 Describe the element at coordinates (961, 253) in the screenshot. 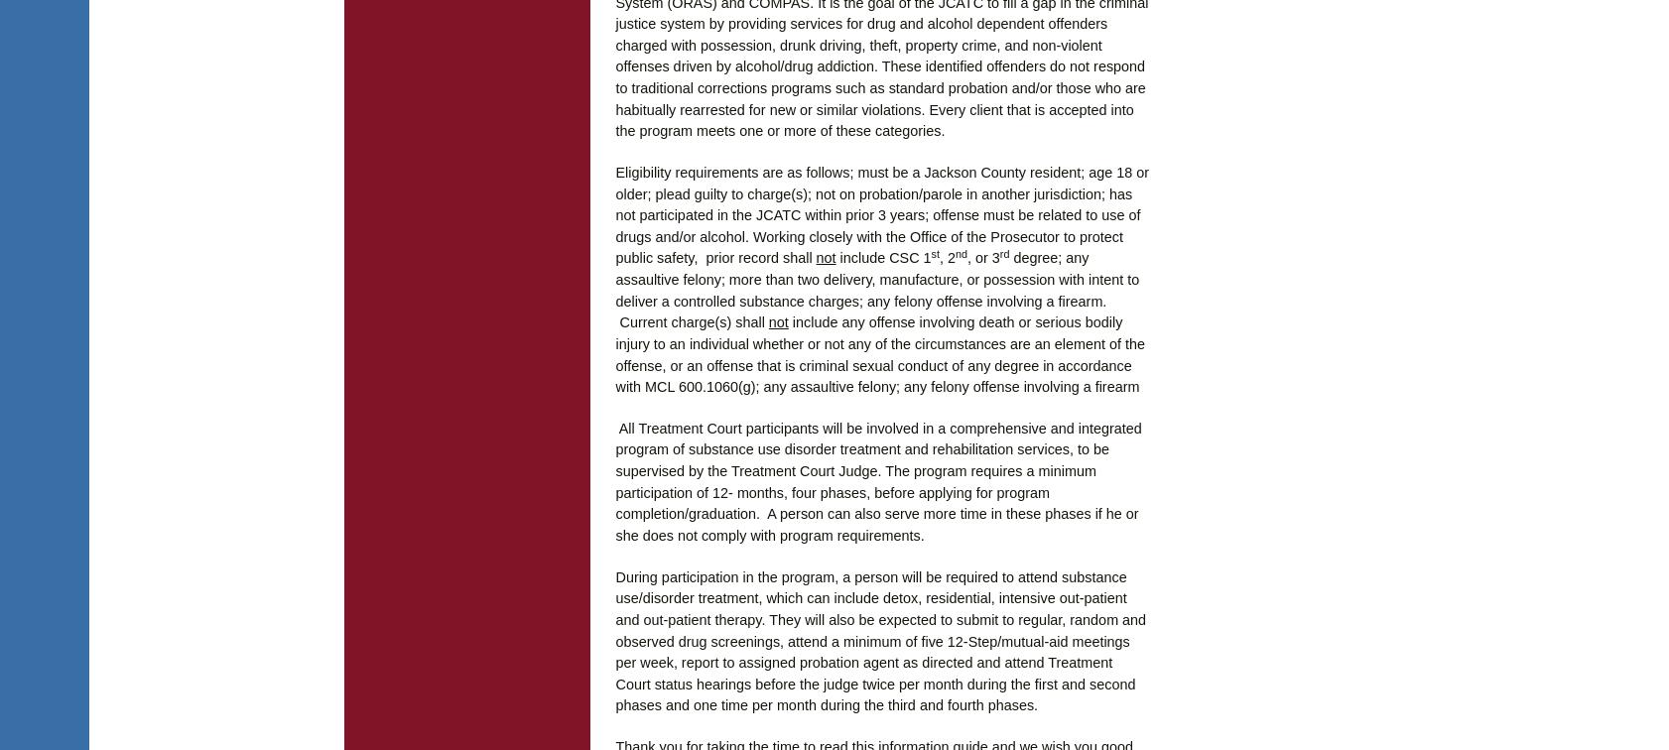

I see `'nd'` at that location.